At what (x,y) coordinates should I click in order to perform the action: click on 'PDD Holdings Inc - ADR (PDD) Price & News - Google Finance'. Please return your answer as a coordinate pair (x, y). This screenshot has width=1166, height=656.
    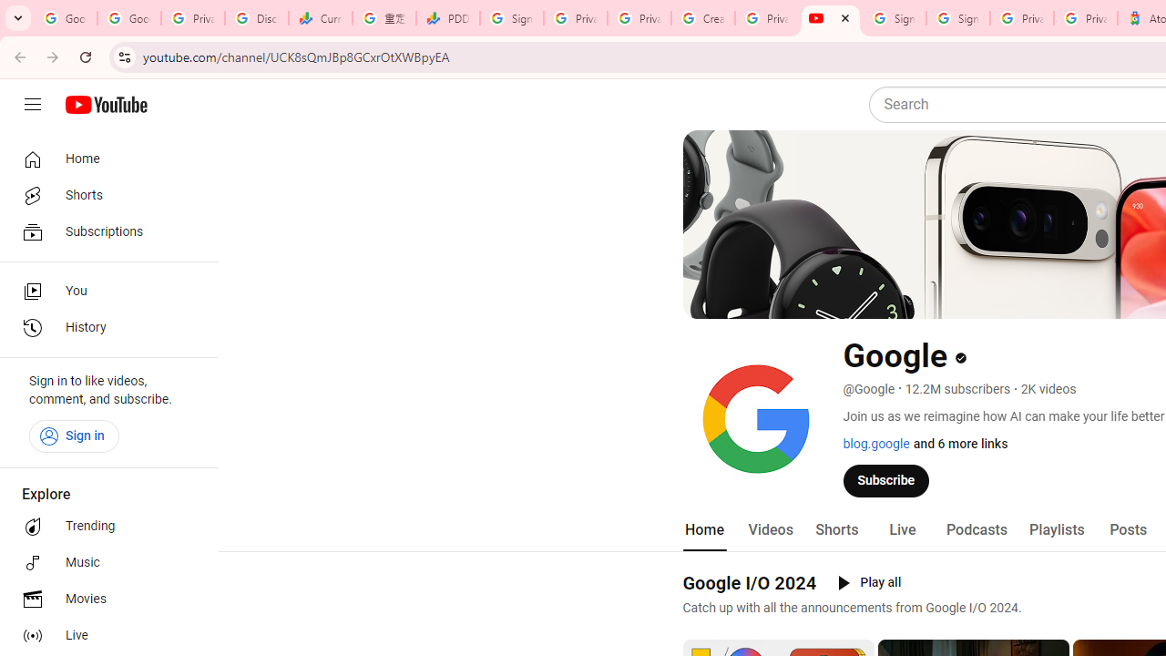
    Looking at the image, I should click on (448, 18).